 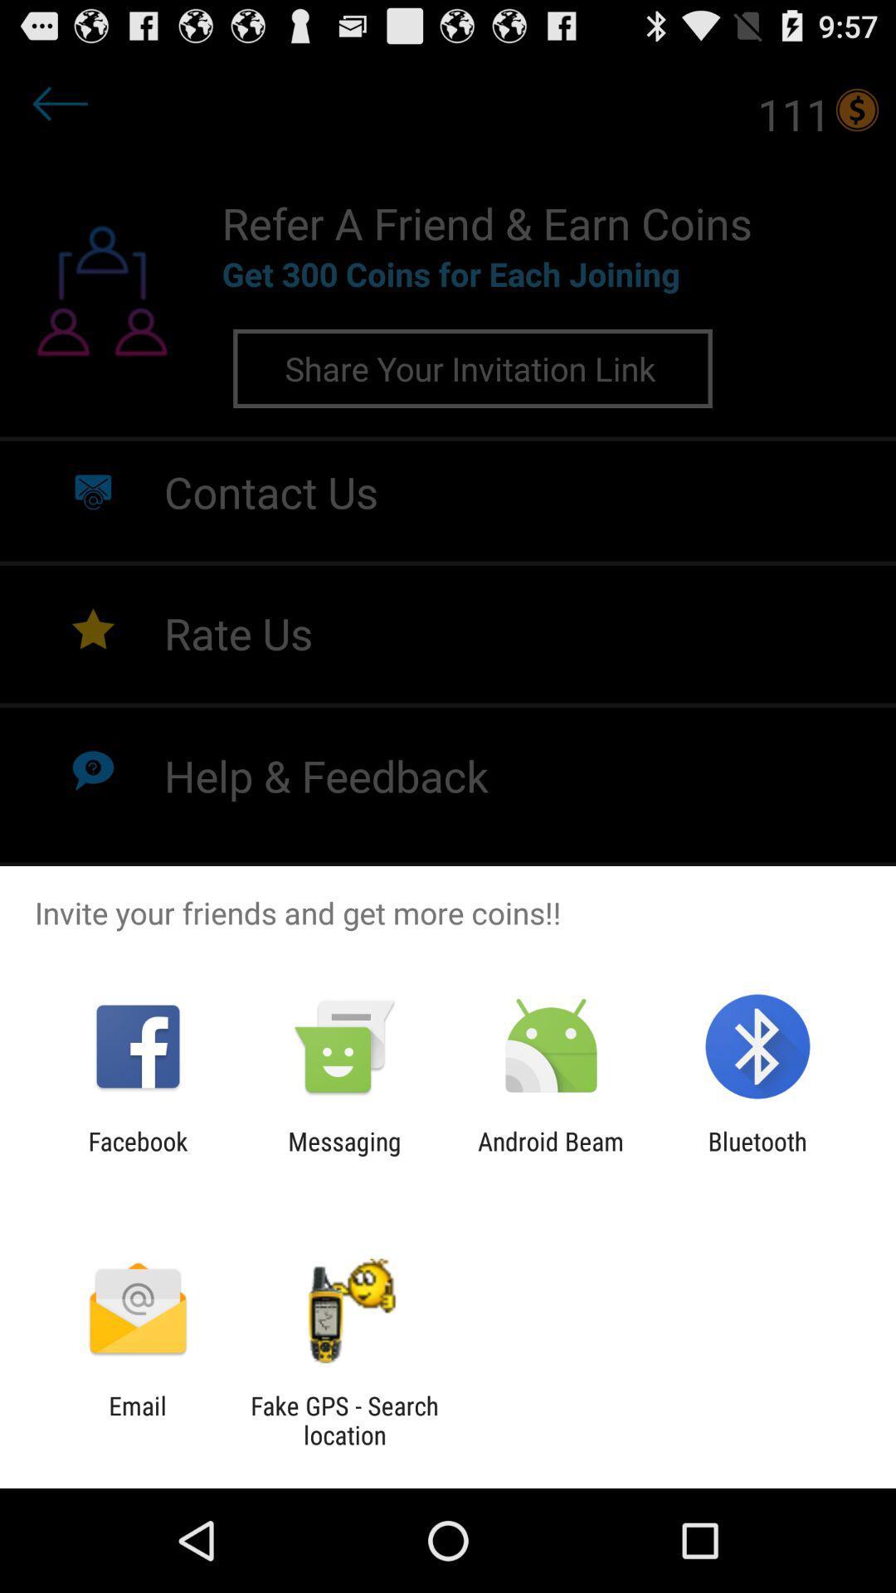 I want to click on item at the bottom right corner, so click(x=757, y=1155).